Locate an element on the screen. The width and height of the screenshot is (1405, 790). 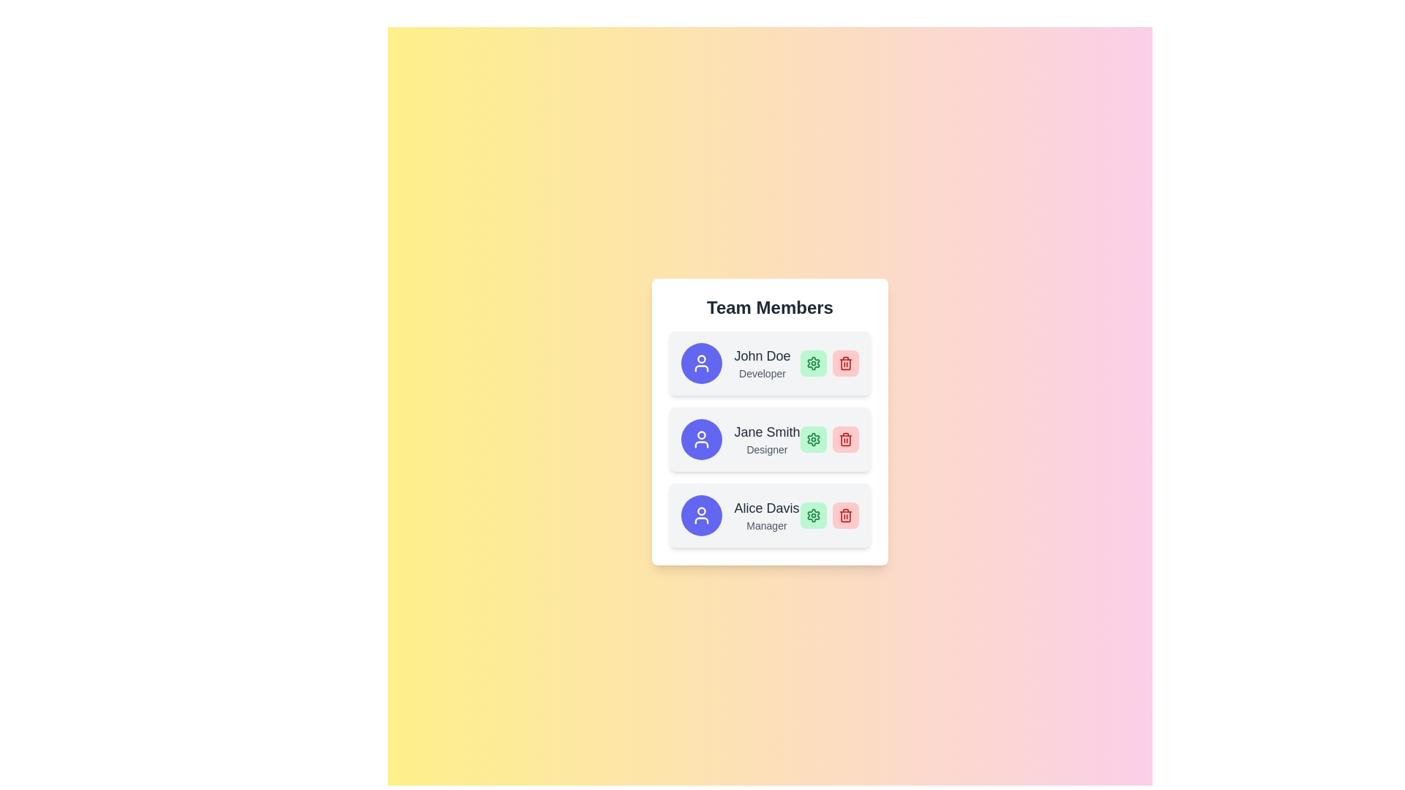
the profile item representing the first team member in the list of 'Team Members' by clicking on it is located at coordinates (736, 363).